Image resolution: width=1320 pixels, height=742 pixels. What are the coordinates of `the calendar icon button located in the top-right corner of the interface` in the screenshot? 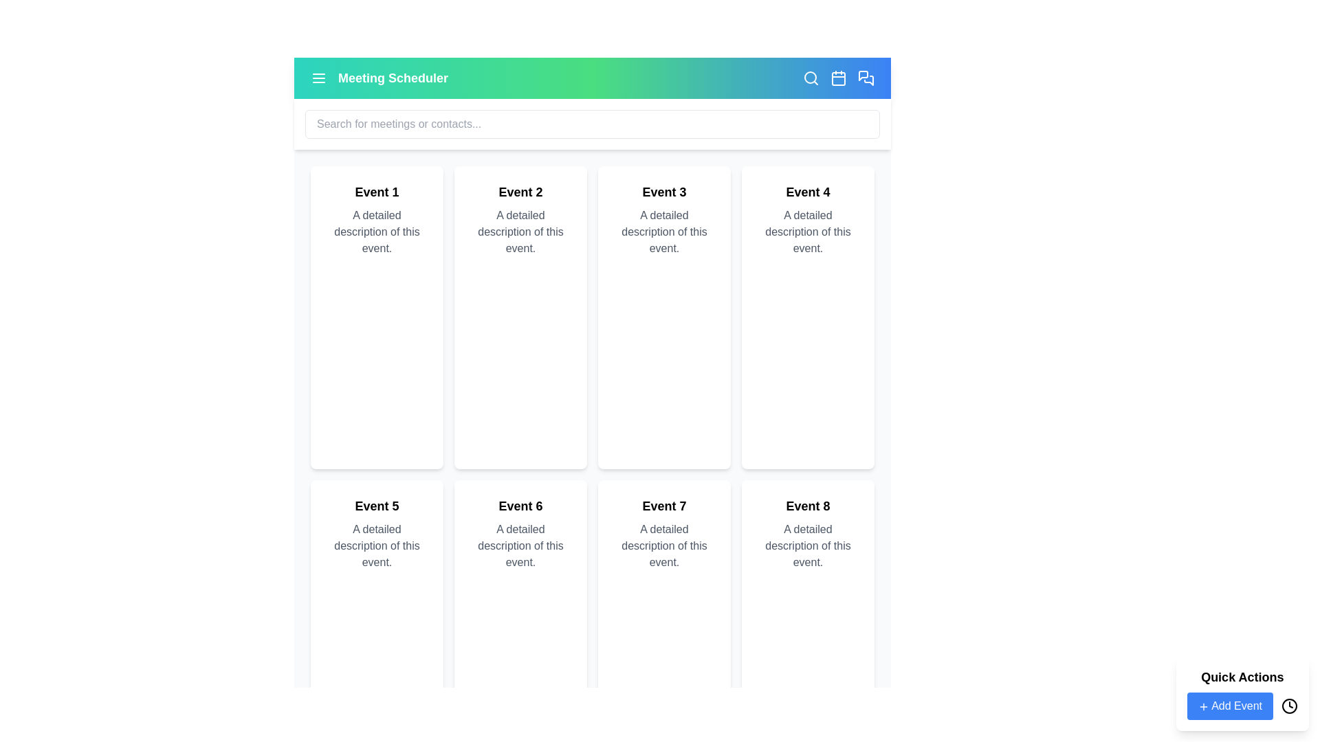 It's located at (837, 78).